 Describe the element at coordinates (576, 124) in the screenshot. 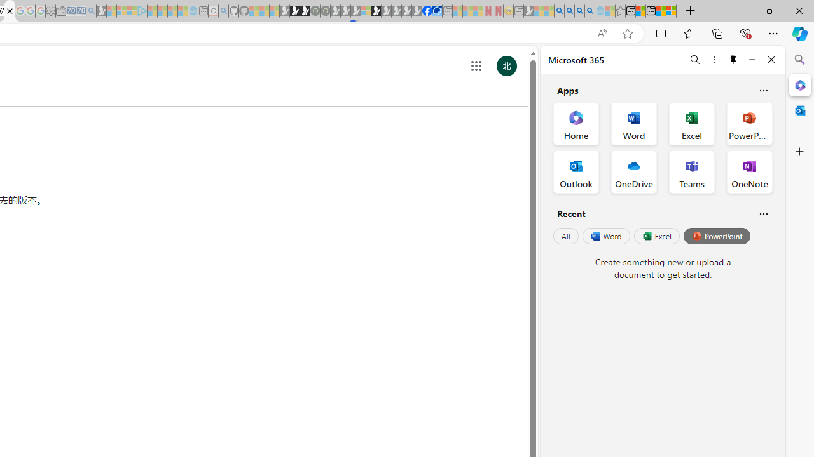

I see `'Home Office App'` at that location.